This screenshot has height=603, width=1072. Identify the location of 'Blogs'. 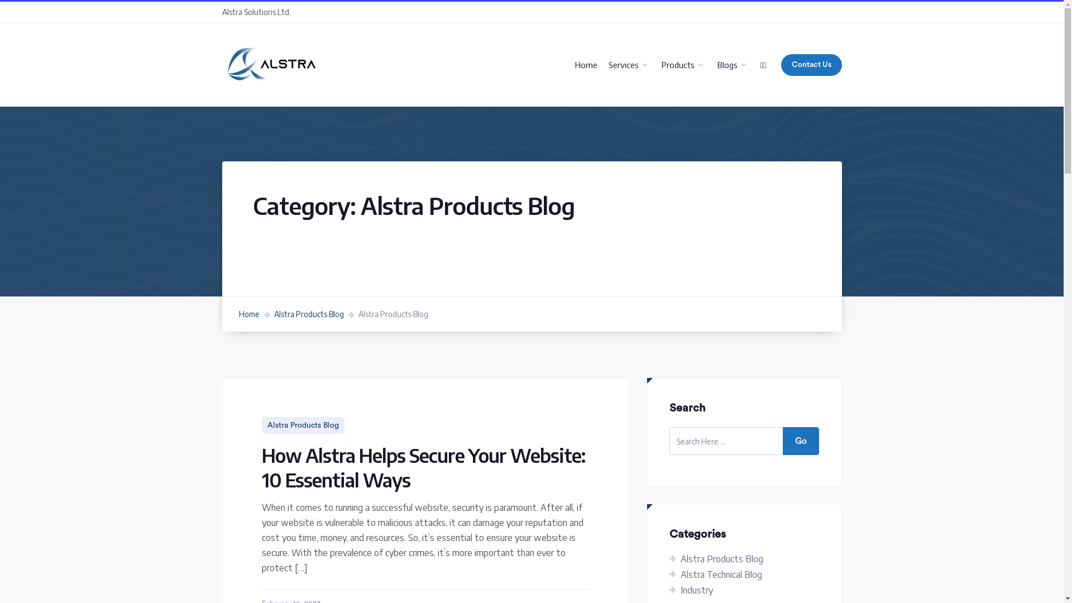
(733, 65).